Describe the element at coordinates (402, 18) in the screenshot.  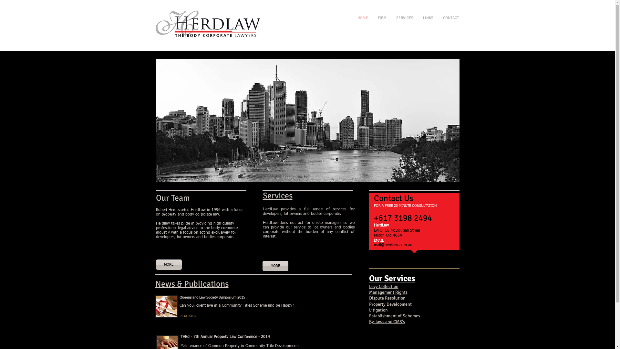
I see `'FIRM'` at that location.